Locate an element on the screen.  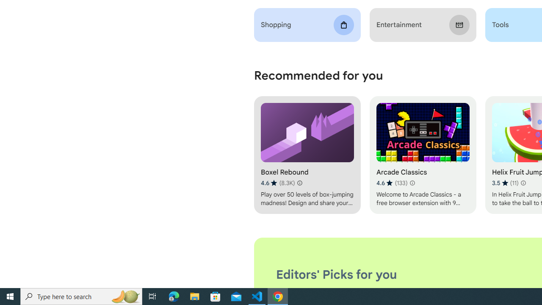
'Learn more about results and reviews "Boxel Rebound"' is located at coordinates (299, 183).